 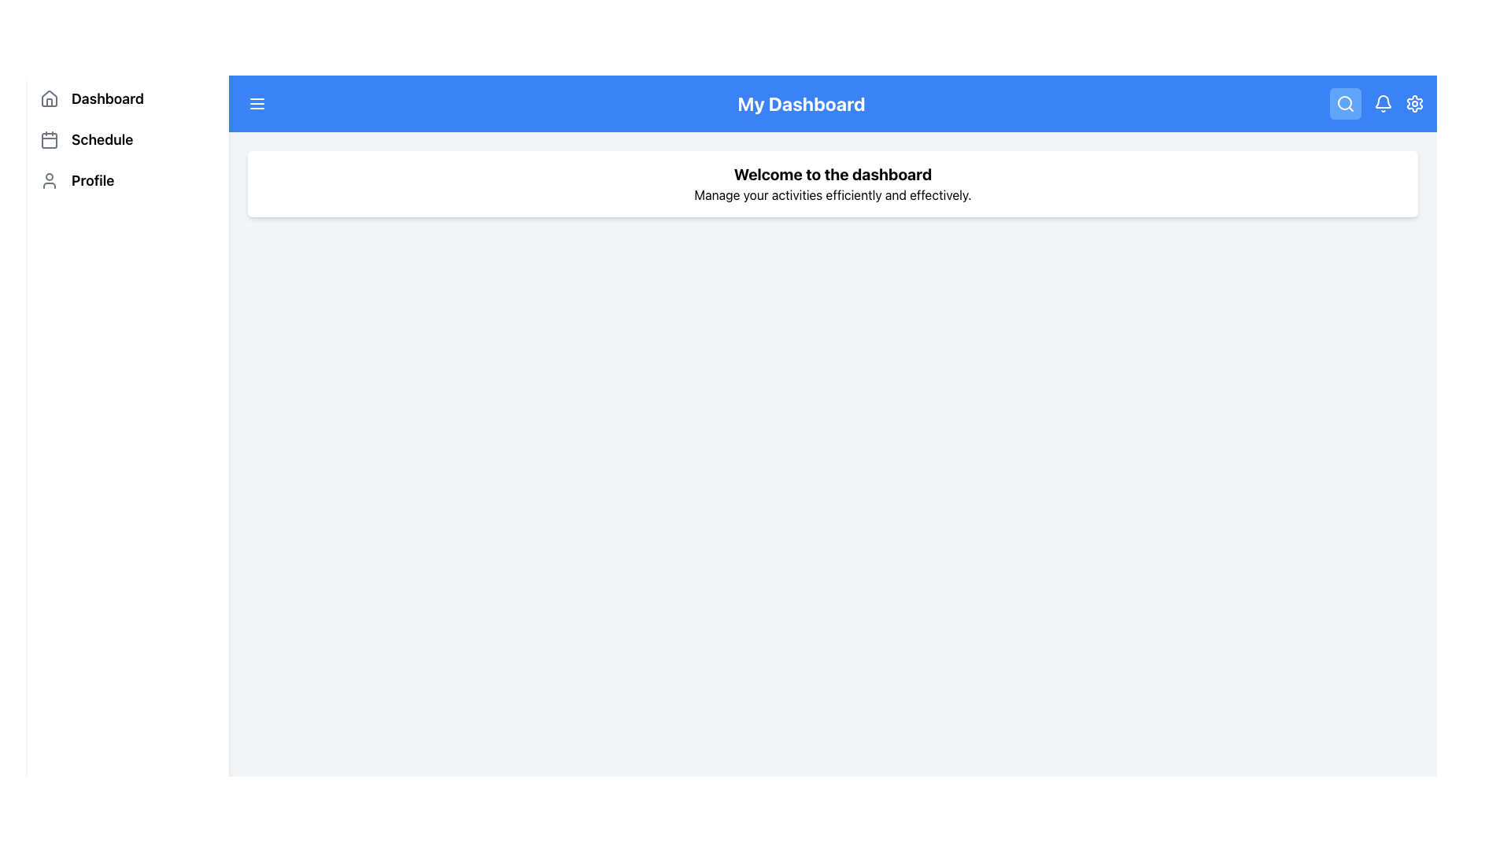 I want to click on the dashboard title label located in the blue header area, centered between the hamburger menu icon and the search icon, so click(x=801, y=103).